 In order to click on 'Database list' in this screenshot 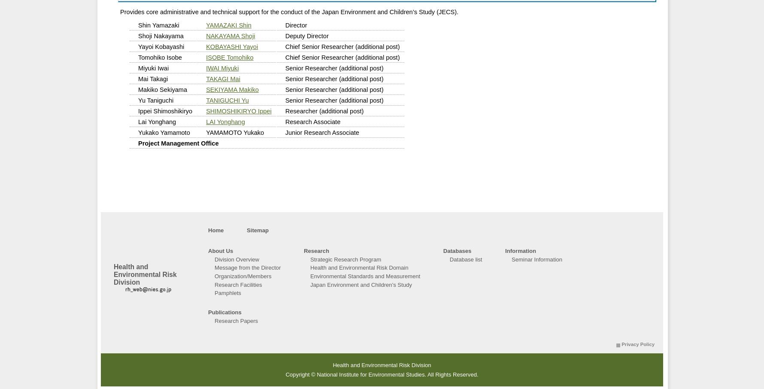, I will do `click(466, 259)`.